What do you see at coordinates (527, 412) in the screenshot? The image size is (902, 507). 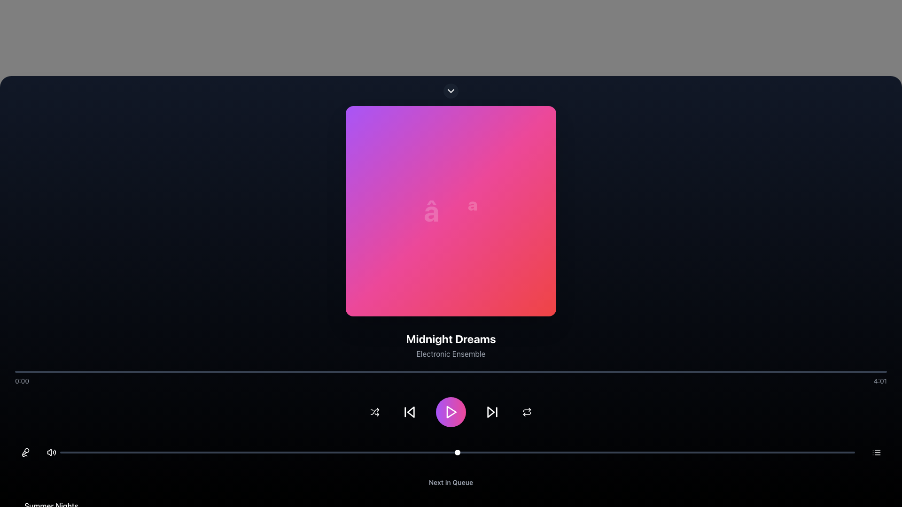 I see `the repeat toggle button located in the bottom control bar near the rightmost side of the playback control icons` at bounding box center [527, 412].